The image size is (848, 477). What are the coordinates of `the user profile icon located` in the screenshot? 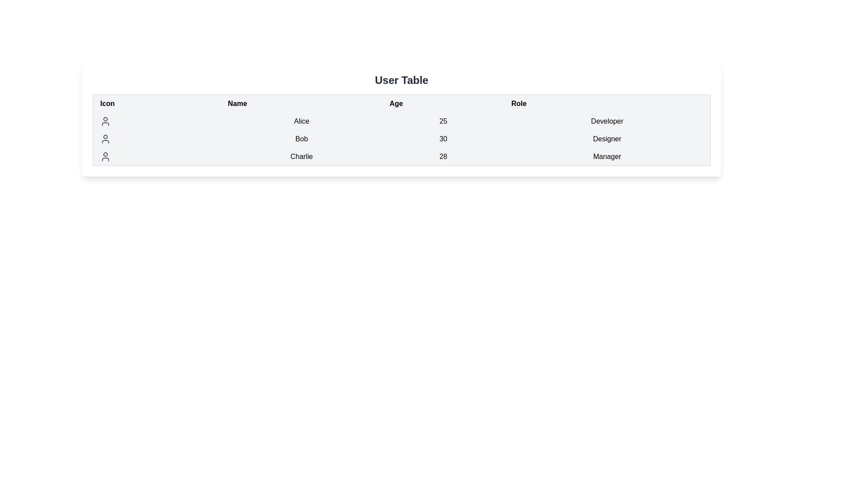 It's located at (106, 139).